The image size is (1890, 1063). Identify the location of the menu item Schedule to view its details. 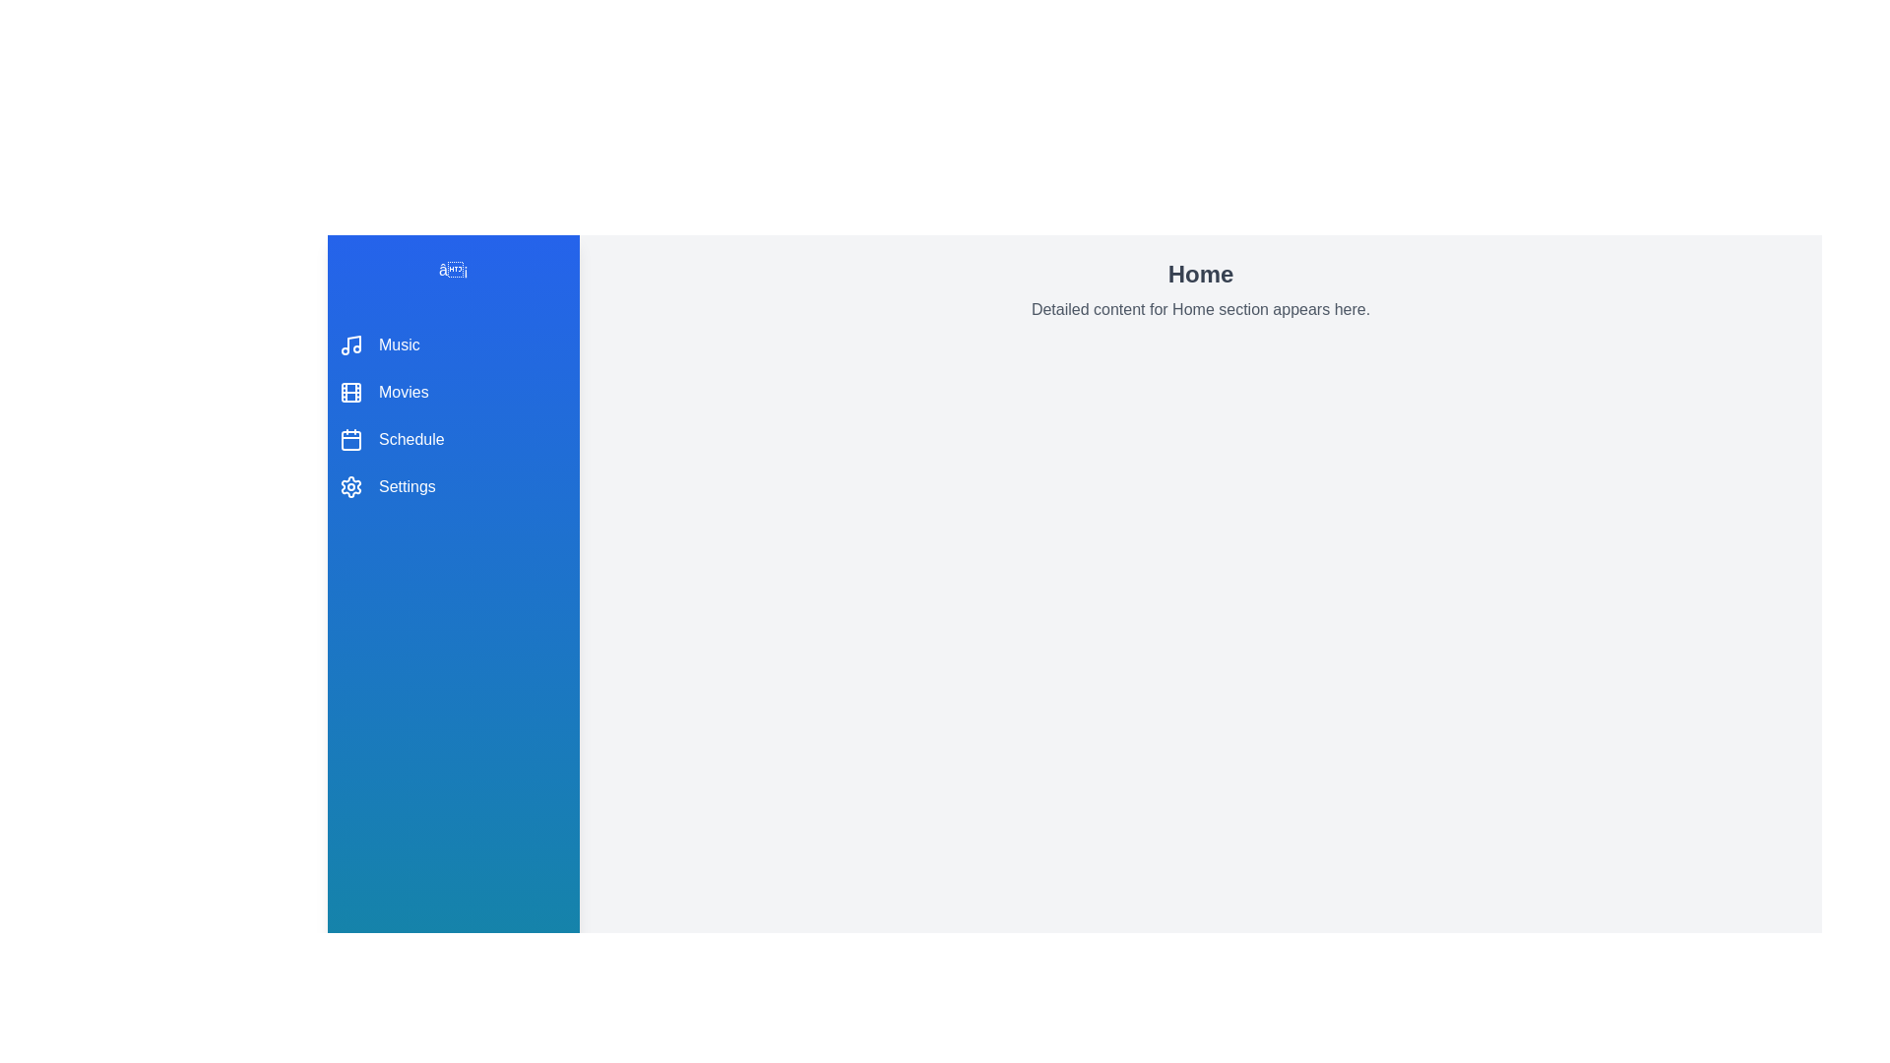
(452, 439).